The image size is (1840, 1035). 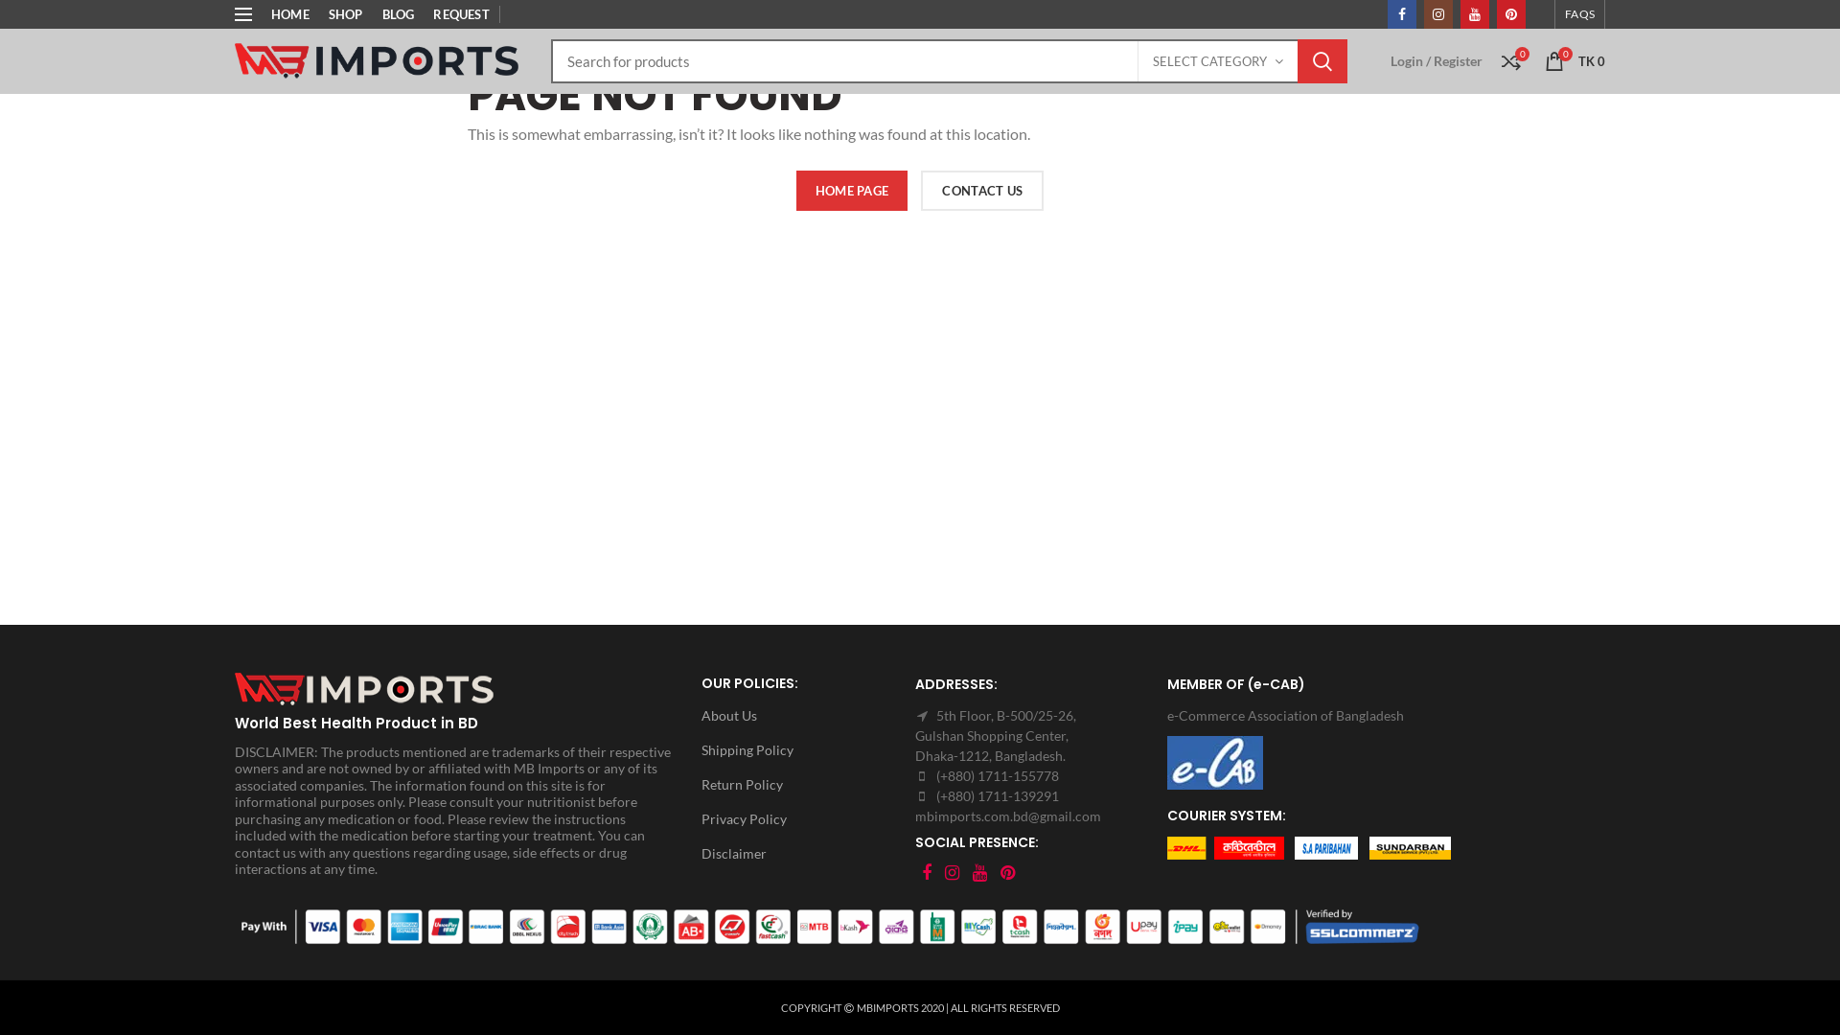 I want to click on 'About Us', so click(x=803, y=716).